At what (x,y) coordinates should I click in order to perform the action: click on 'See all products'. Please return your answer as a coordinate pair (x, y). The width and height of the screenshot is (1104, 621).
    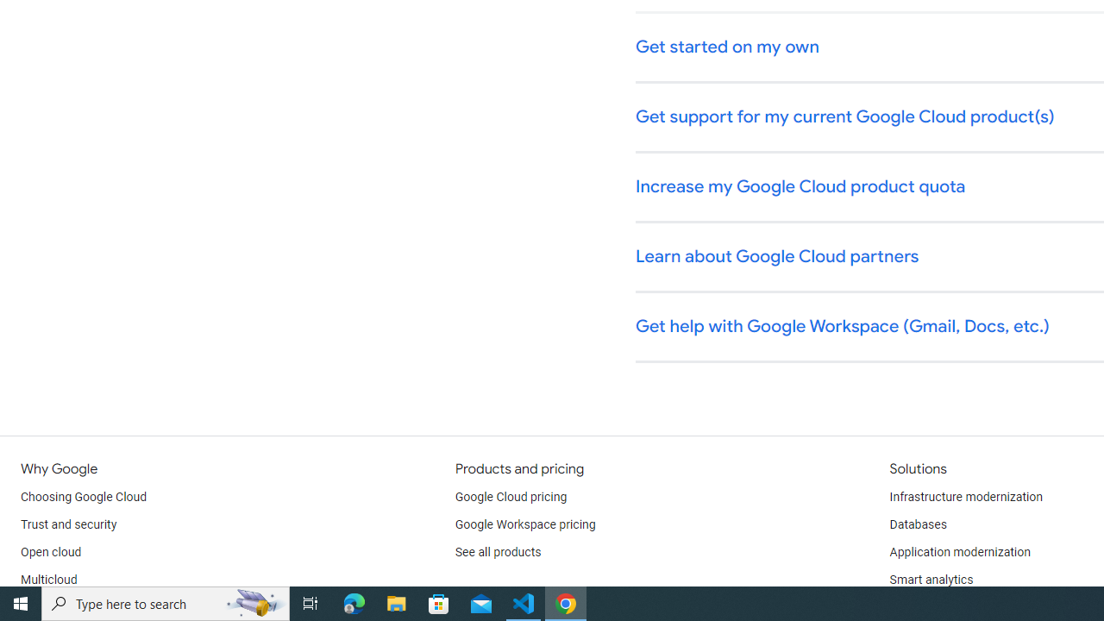
    Looking at the image, I should click on (497, 552).